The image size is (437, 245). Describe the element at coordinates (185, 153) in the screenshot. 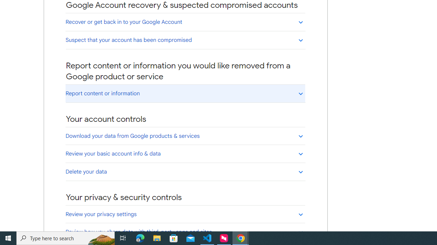

I see `'Review your basic account info & data'` at that location.